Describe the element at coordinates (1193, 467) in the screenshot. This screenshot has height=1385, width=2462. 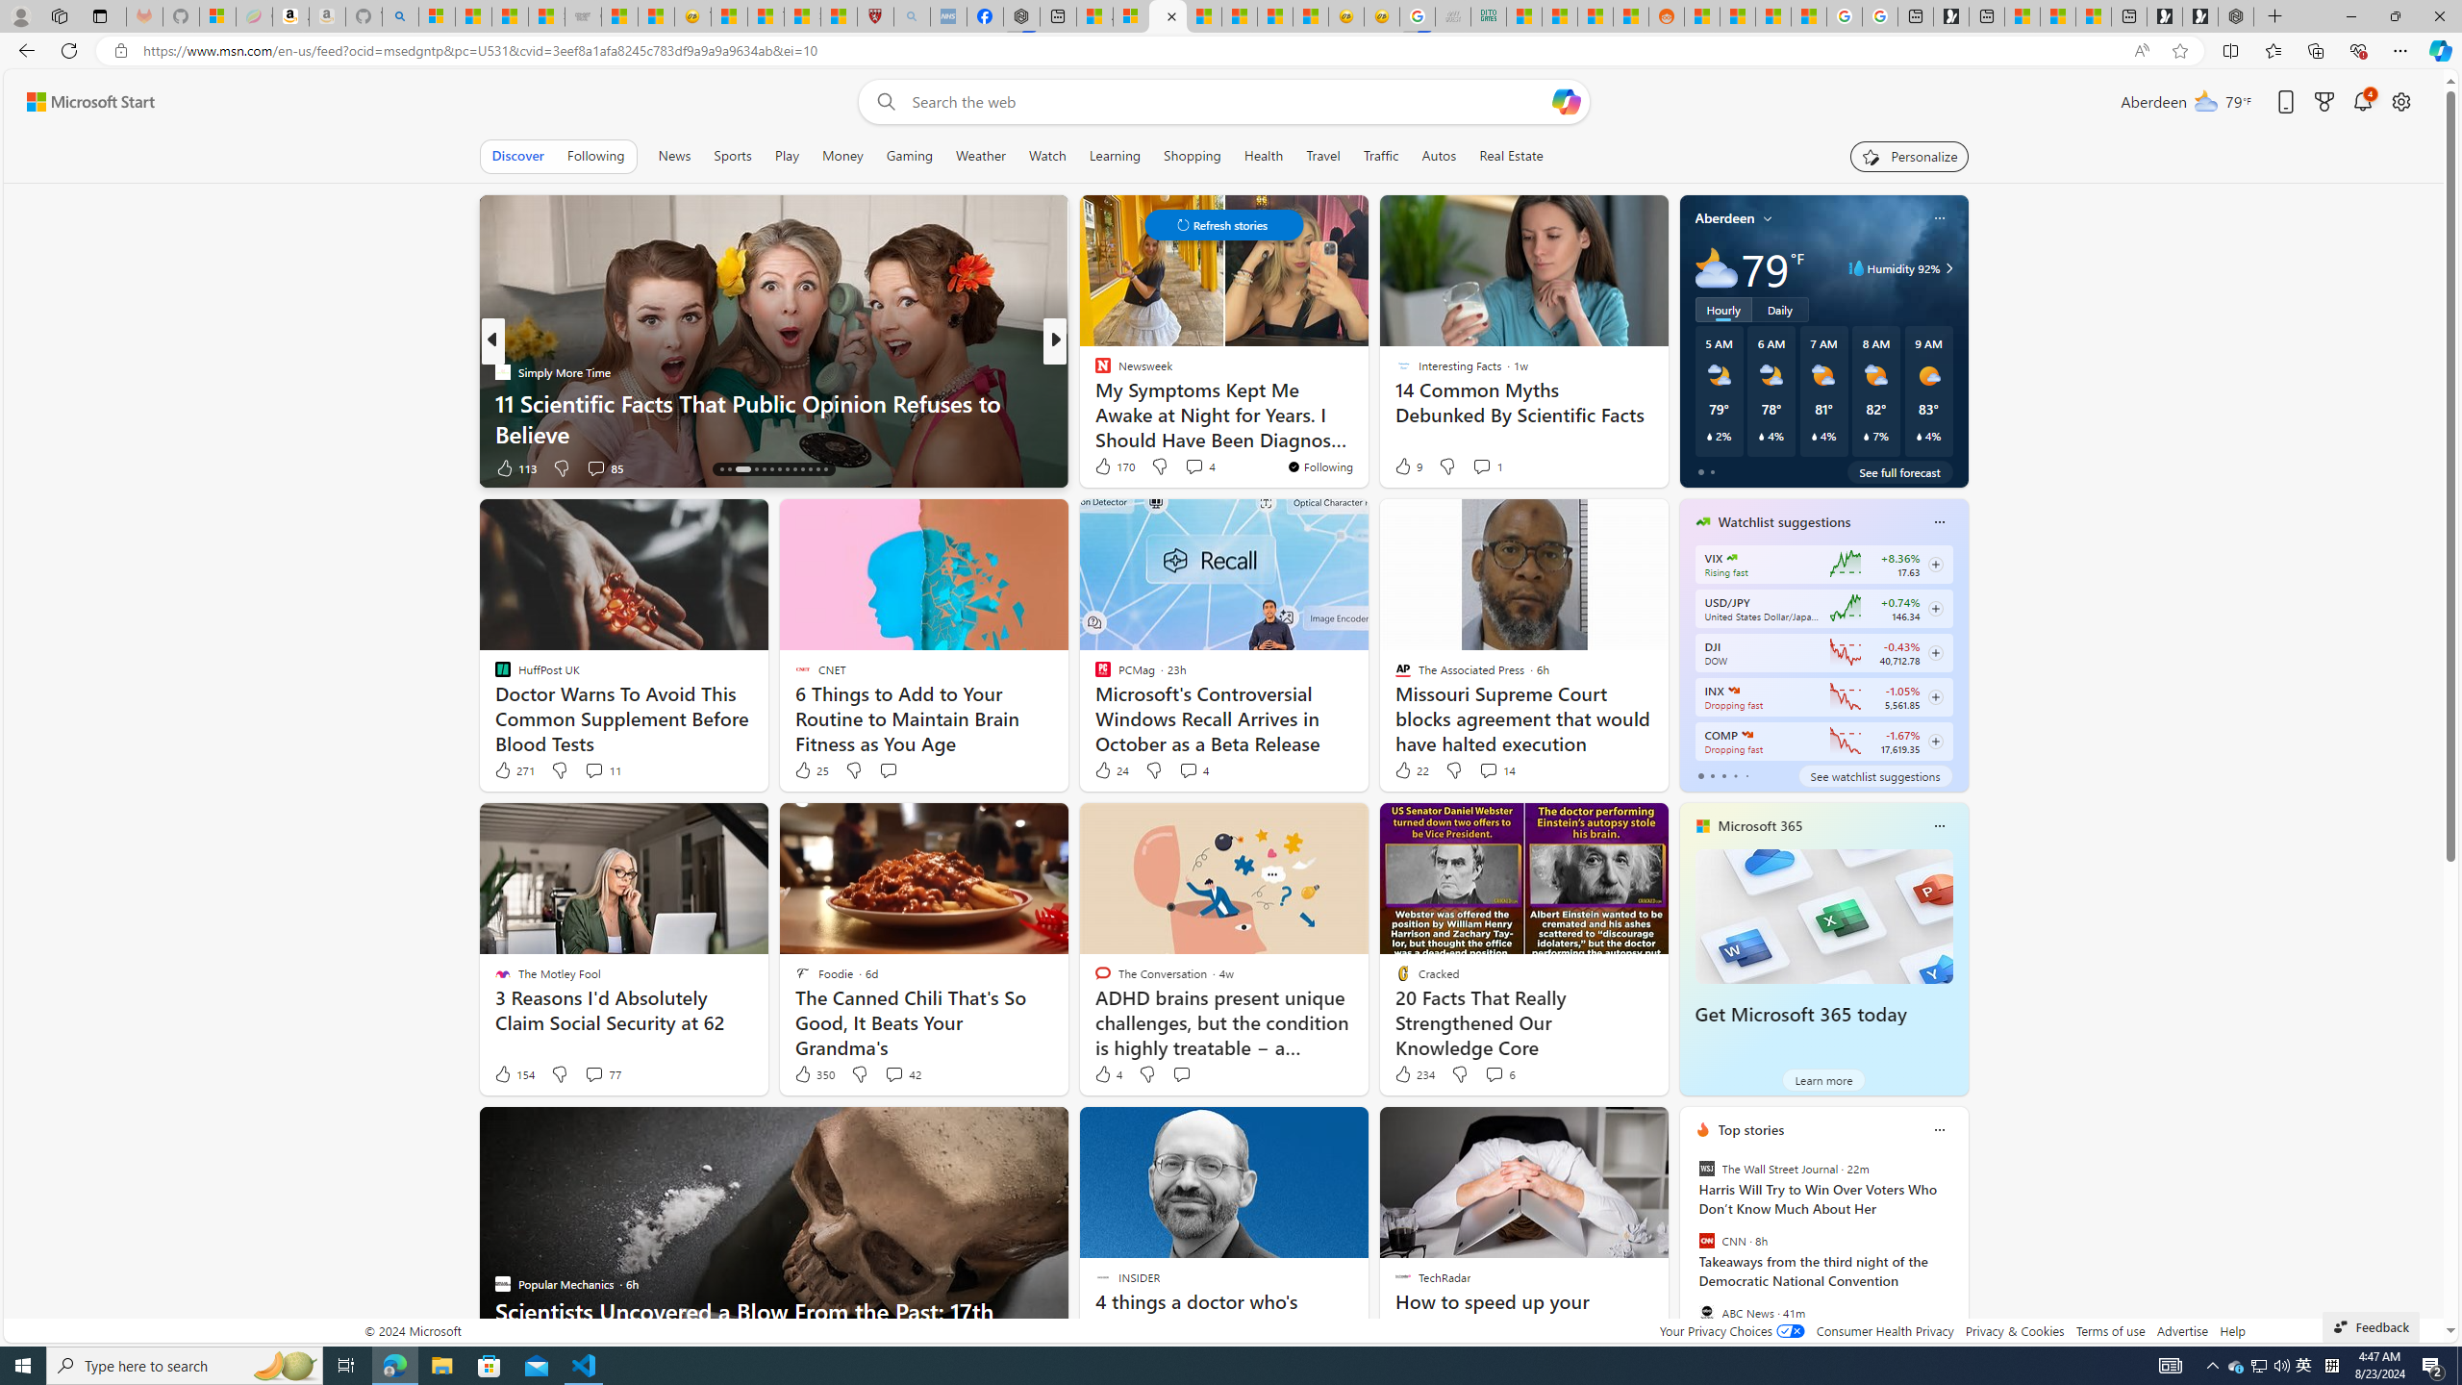
I see `'View comments 231 Comment'` at that location.